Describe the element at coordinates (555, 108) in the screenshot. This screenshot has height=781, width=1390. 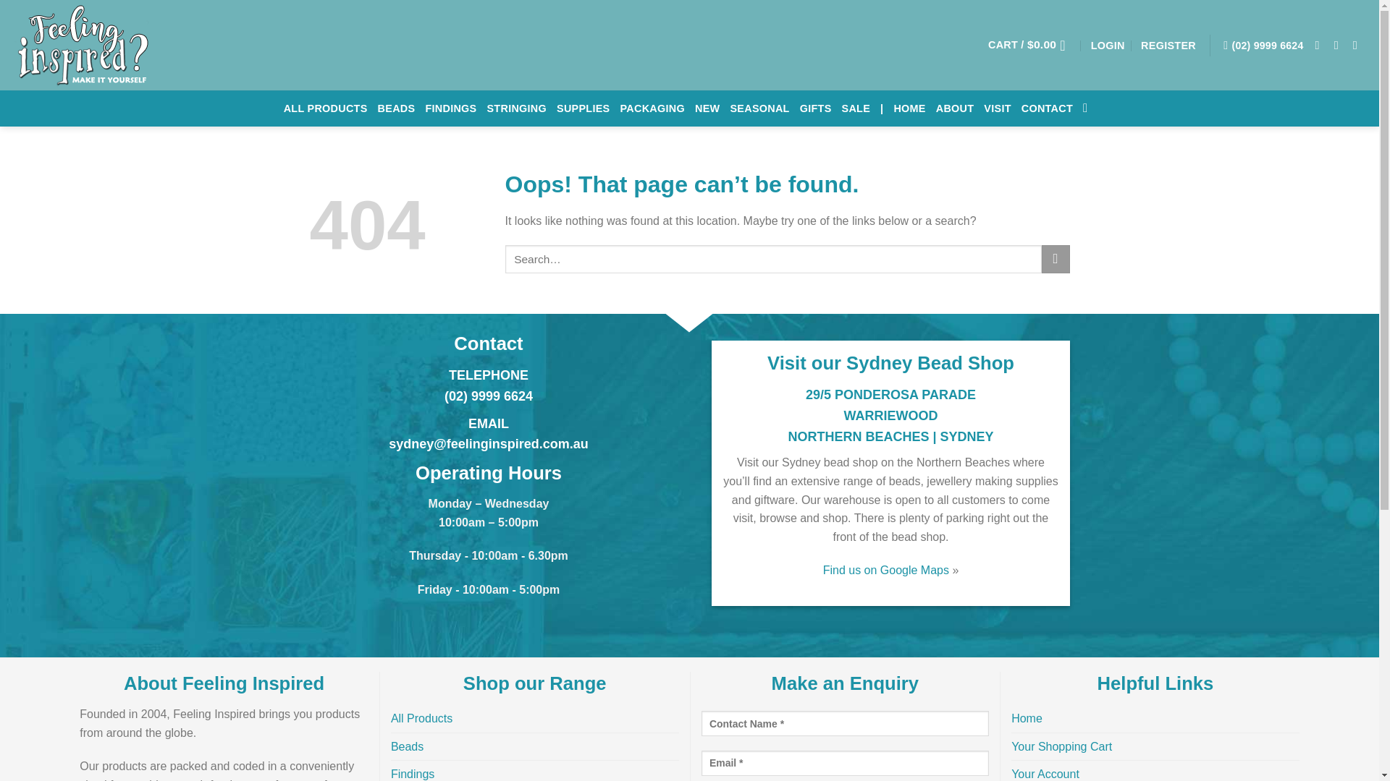
I see `'SUPPLIES'` at that location.